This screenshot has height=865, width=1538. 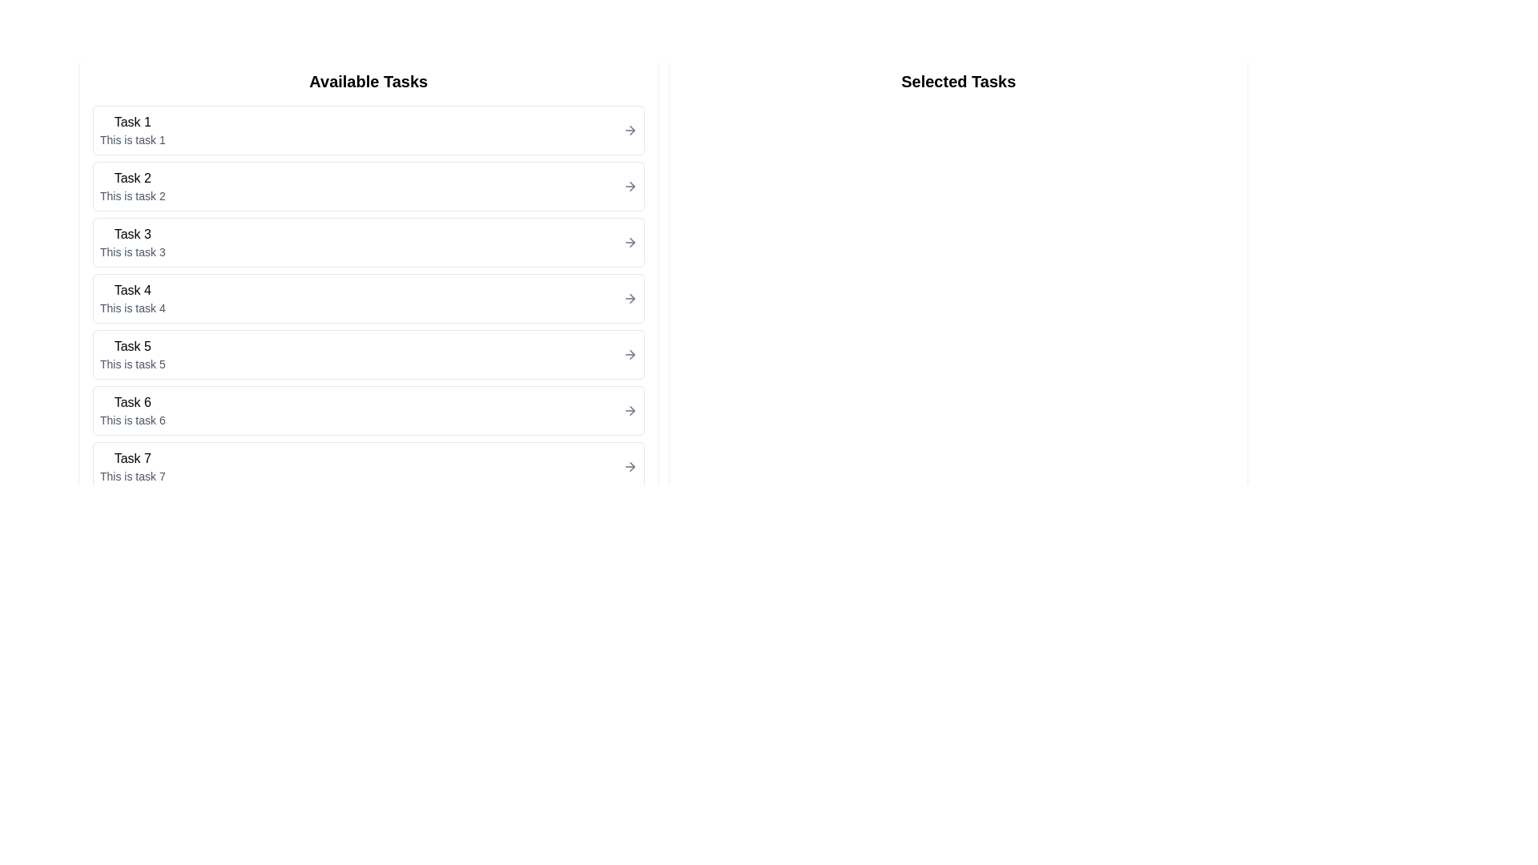 I want to click on the text element displaying 'Task 2' located, so click(x=132, y=179).